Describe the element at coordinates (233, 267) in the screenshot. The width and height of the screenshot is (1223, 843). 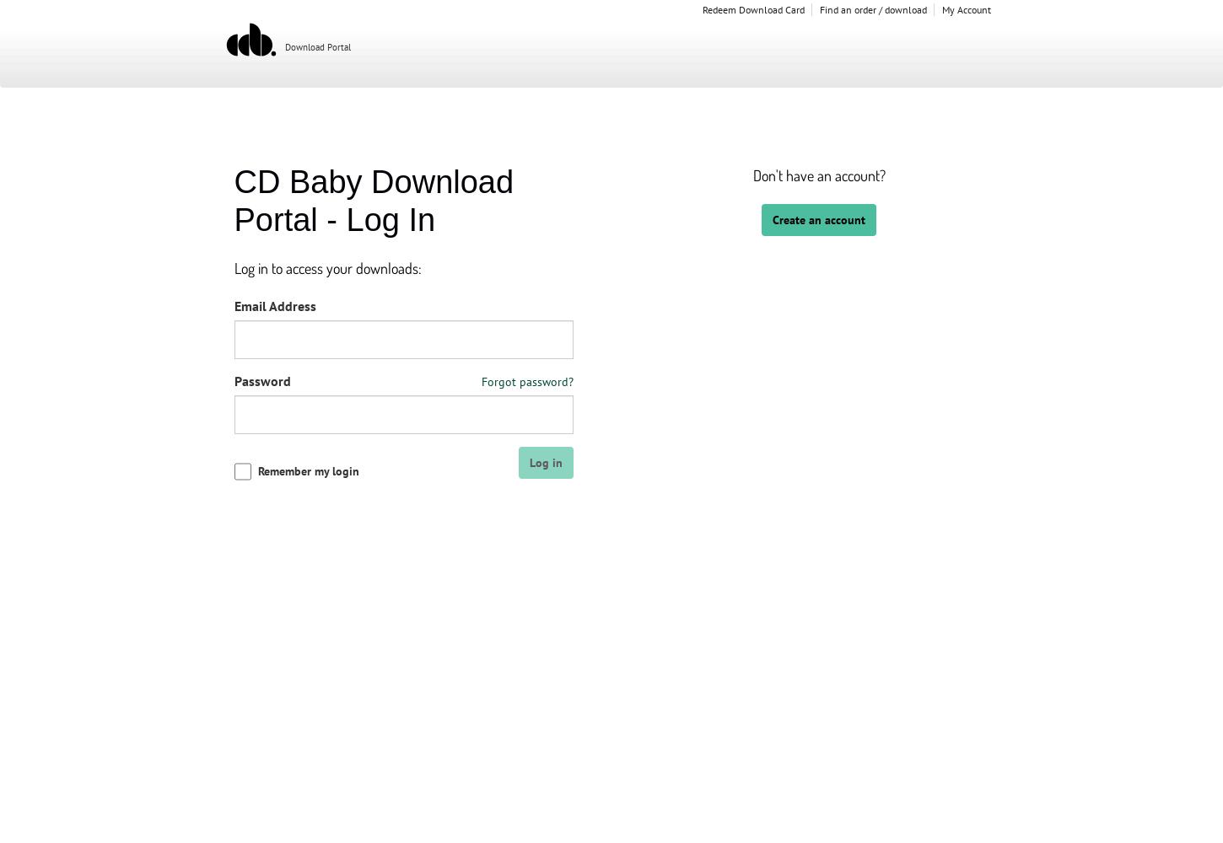
I see `'Log in to access your downloads:'` at that location.